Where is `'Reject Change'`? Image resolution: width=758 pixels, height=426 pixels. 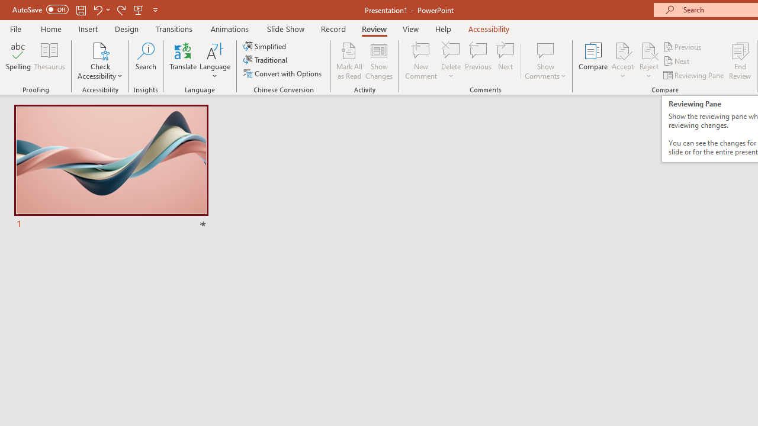
'Reject Change' is located at coordinates (648, 50).